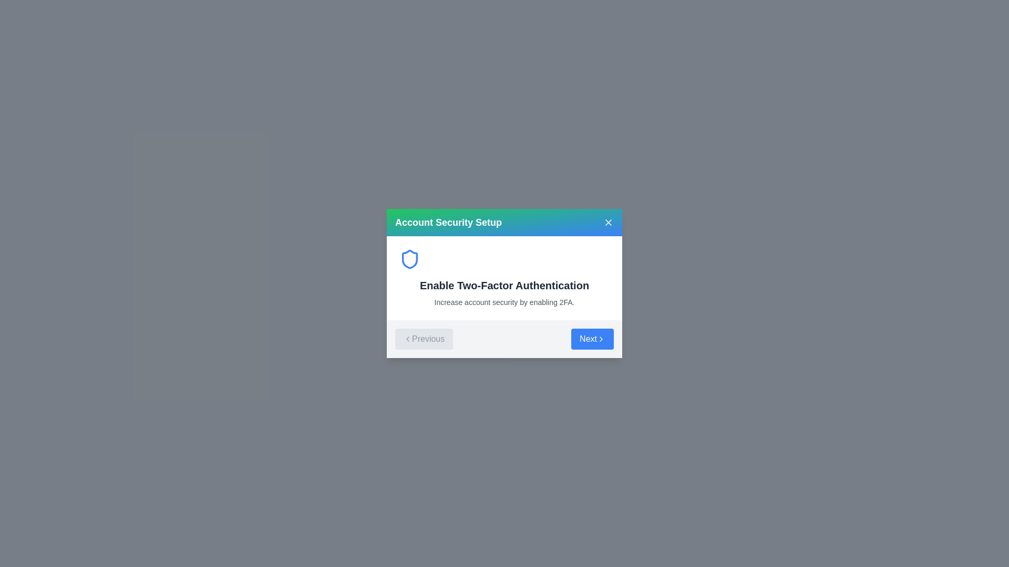 The height and width of the screenshot is (567, 1009). What do you see at coordinates (409, 259) in the screenshot?
I see `the decorative security icon positioned in the upper left region of the 'Account Security Setup' dialog box, which is slightly left of the 'Enable Two-Factor Authentication' text` at bounding box center [409, 259].